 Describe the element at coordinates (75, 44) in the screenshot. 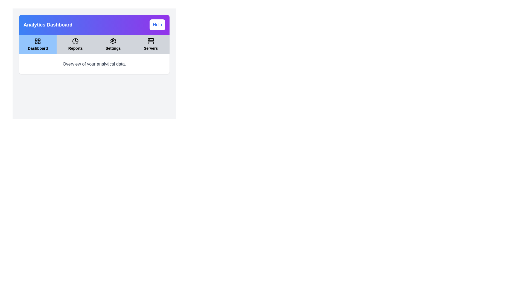

I see `the 'Reports' button with a pie chart icon, which is the second button from the left in the horizontal menu bar below the header` at that location.